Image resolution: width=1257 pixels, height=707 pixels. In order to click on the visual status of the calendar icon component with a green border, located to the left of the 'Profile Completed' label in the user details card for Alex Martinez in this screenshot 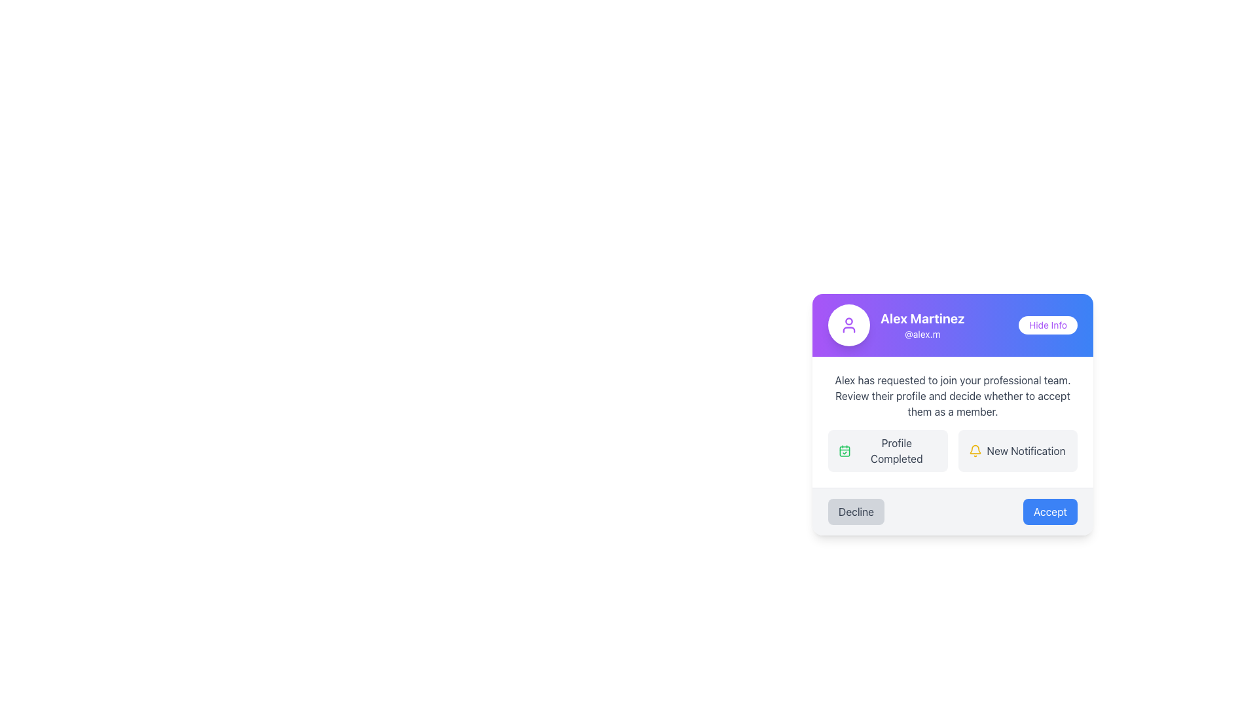, I will do `click(845, 450)`.